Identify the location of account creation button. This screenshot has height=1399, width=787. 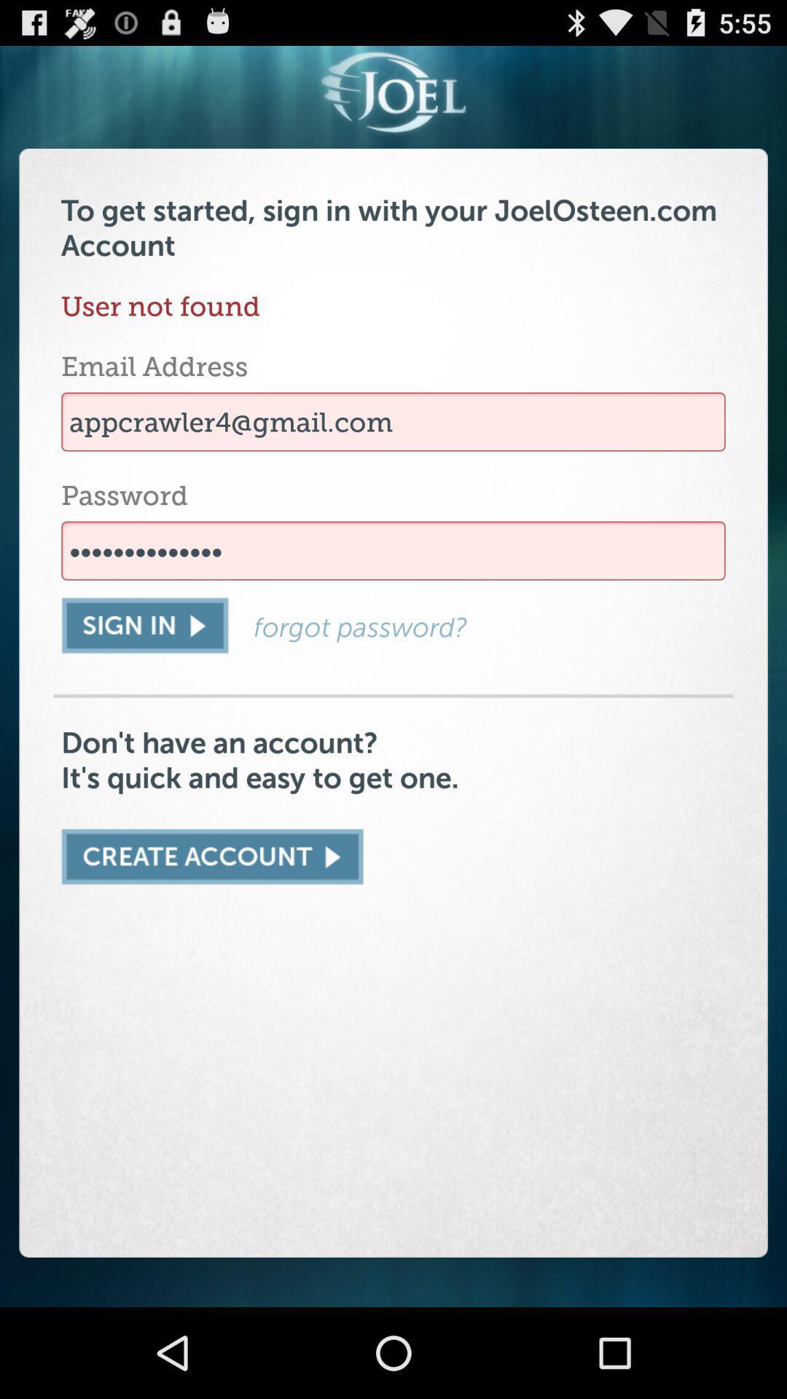
(212, 857).